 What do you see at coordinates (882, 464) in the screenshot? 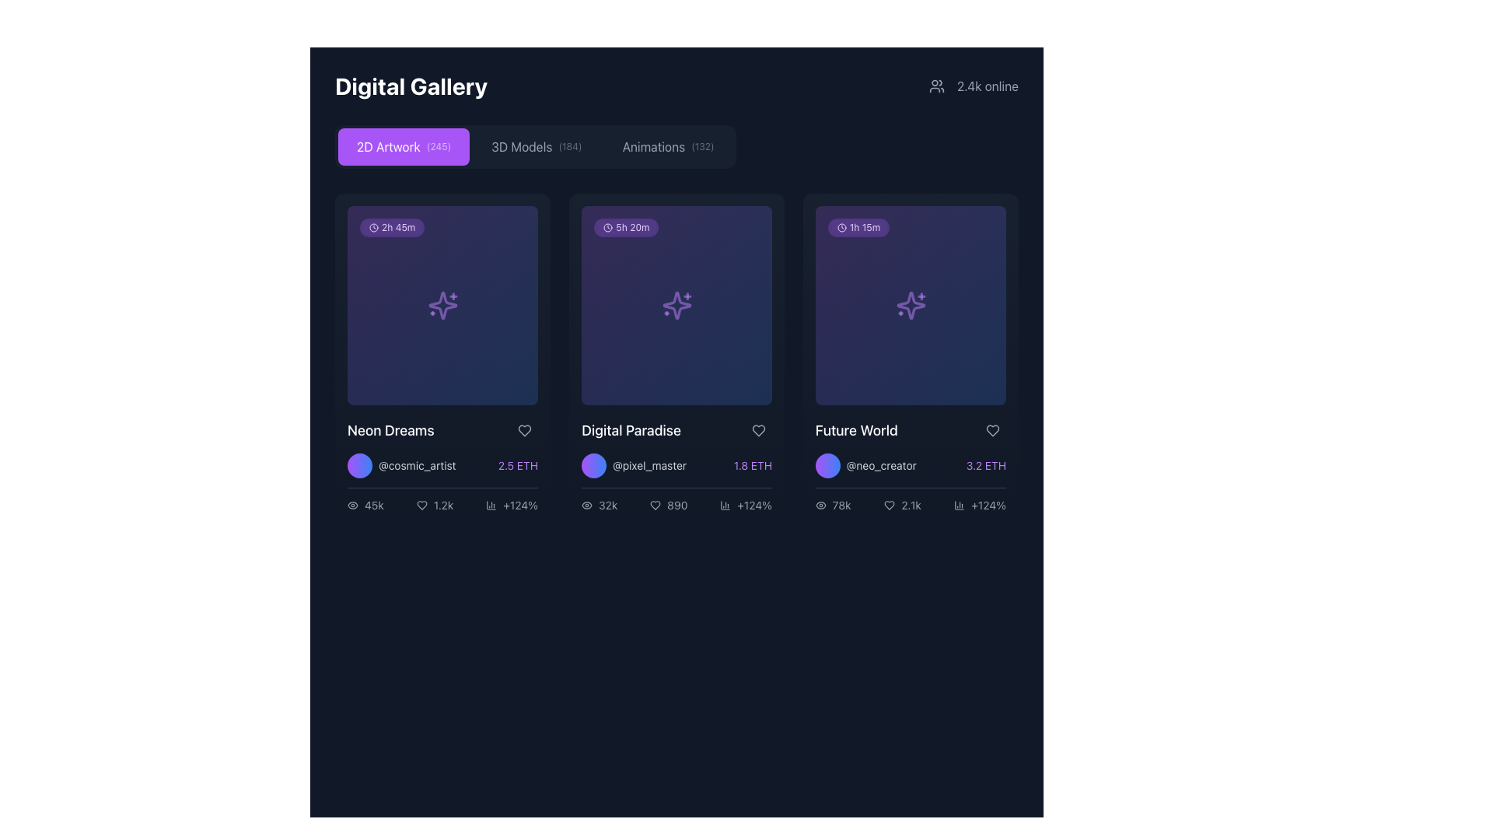
I see `the text label displaying the username '@neo_creator', located in the top right of the grid layout in the 'Future World' item` at bounding box center [882, 464].